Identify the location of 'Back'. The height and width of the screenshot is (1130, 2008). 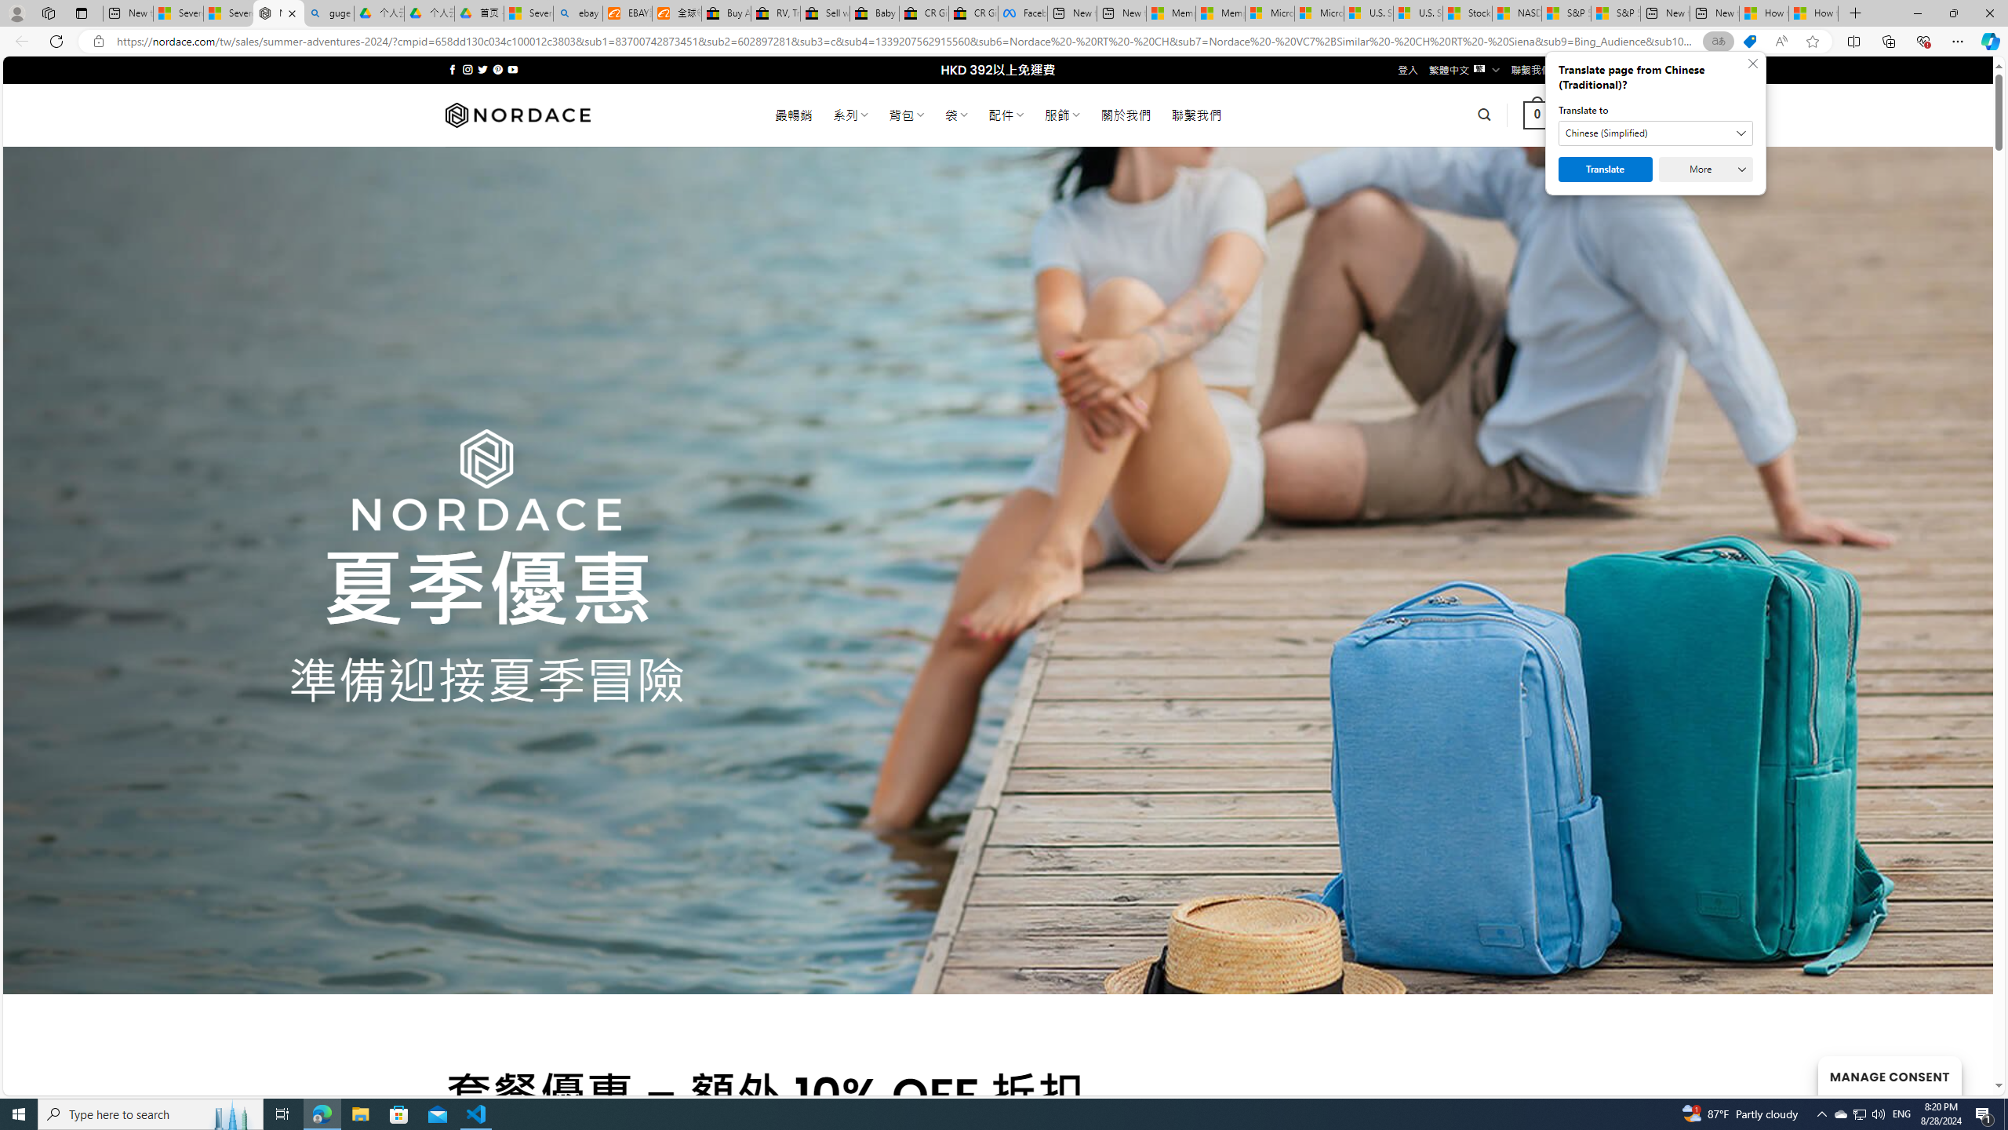
(19, 40).